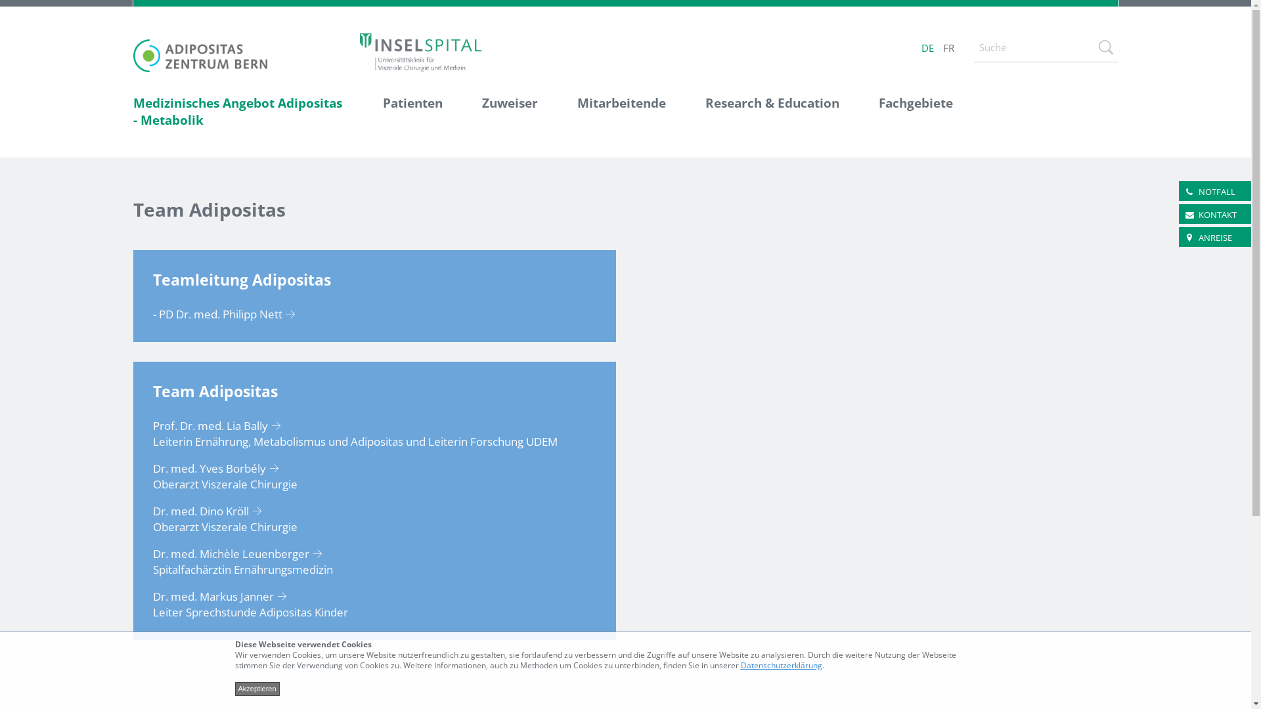  Describe the element at coordinates (905, 112) in the screenshot. I see `'Fachgebiete'` at that location.